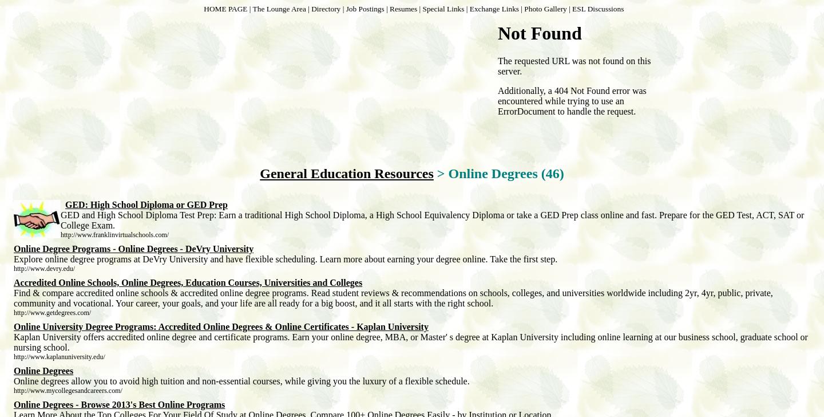 This screenshot has width=824, height=417. I want to click on 'Explore online degree programs at DeVry University and have flexible scheduling. Learn more about earning your degree online. Take the first step.', so click(284, 259).